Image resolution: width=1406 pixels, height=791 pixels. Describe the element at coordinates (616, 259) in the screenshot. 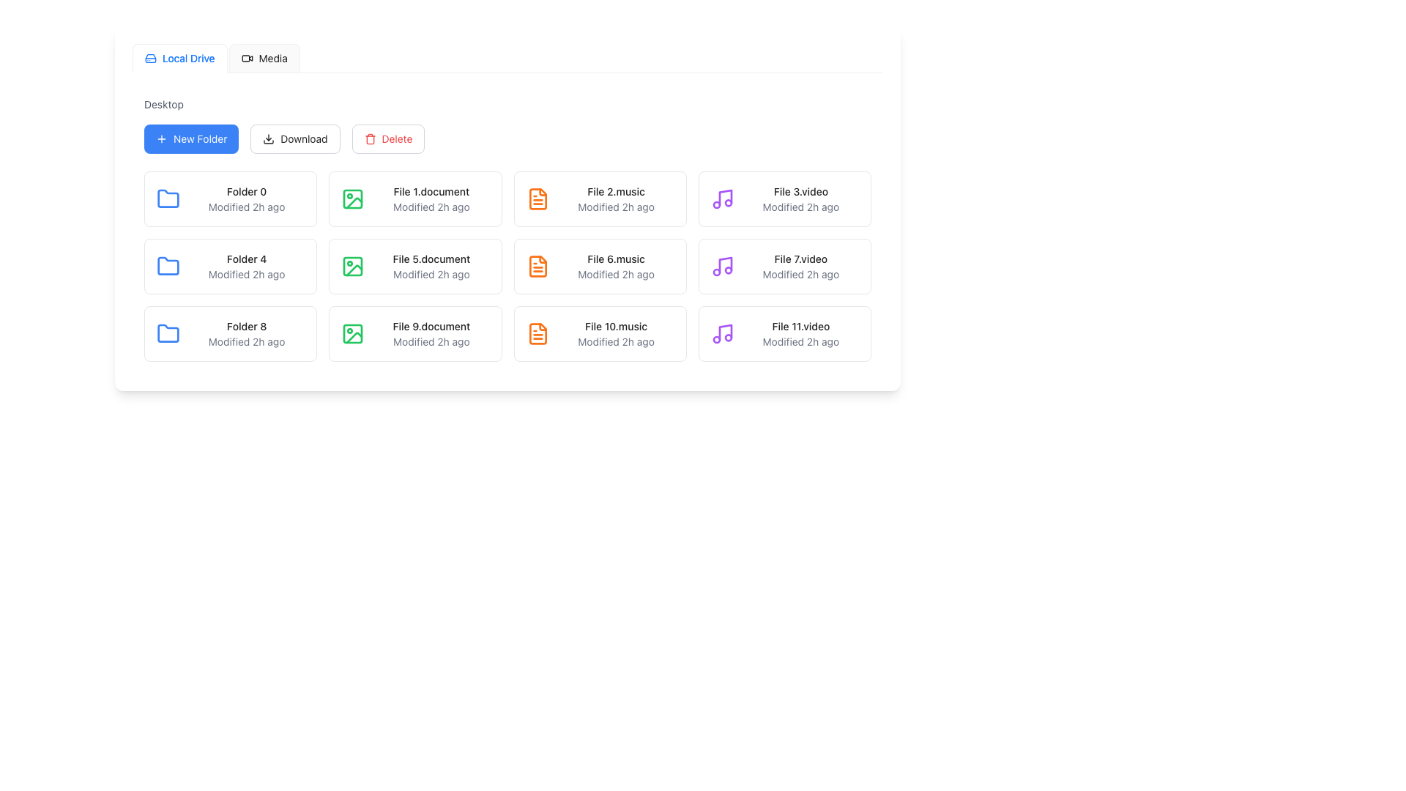

I see `the text label that identifies a file, located in the second row and third column of the grid layout, above the 'Modified 2h ago' label` at that location.